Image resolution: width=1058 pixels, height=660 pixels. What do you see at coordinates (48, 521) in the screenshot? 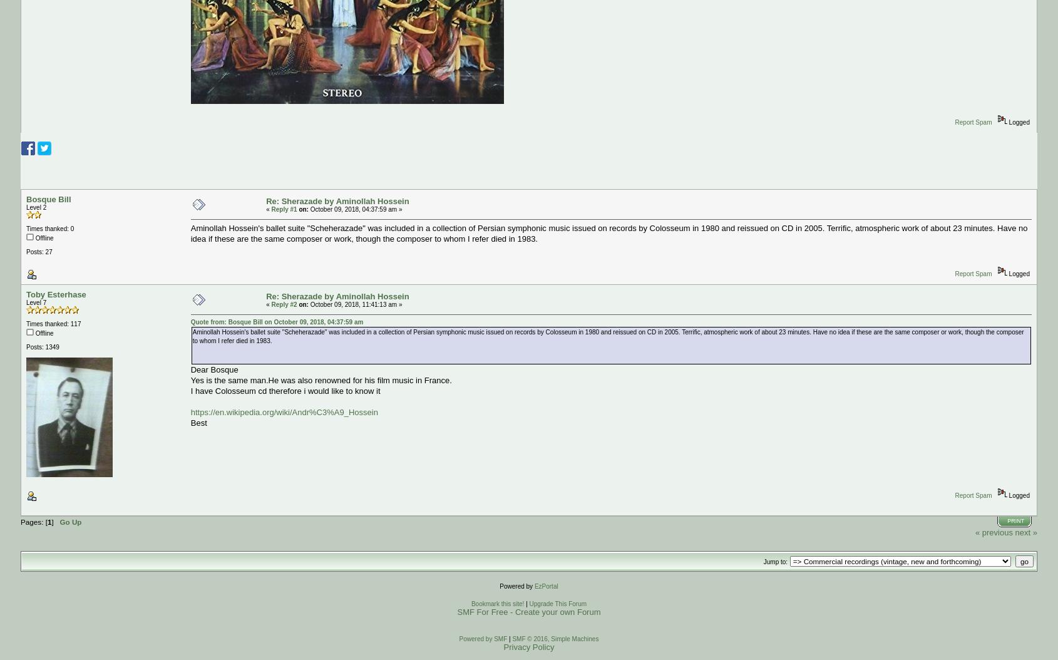
I see `'1'` at bounding box center [48, 521].